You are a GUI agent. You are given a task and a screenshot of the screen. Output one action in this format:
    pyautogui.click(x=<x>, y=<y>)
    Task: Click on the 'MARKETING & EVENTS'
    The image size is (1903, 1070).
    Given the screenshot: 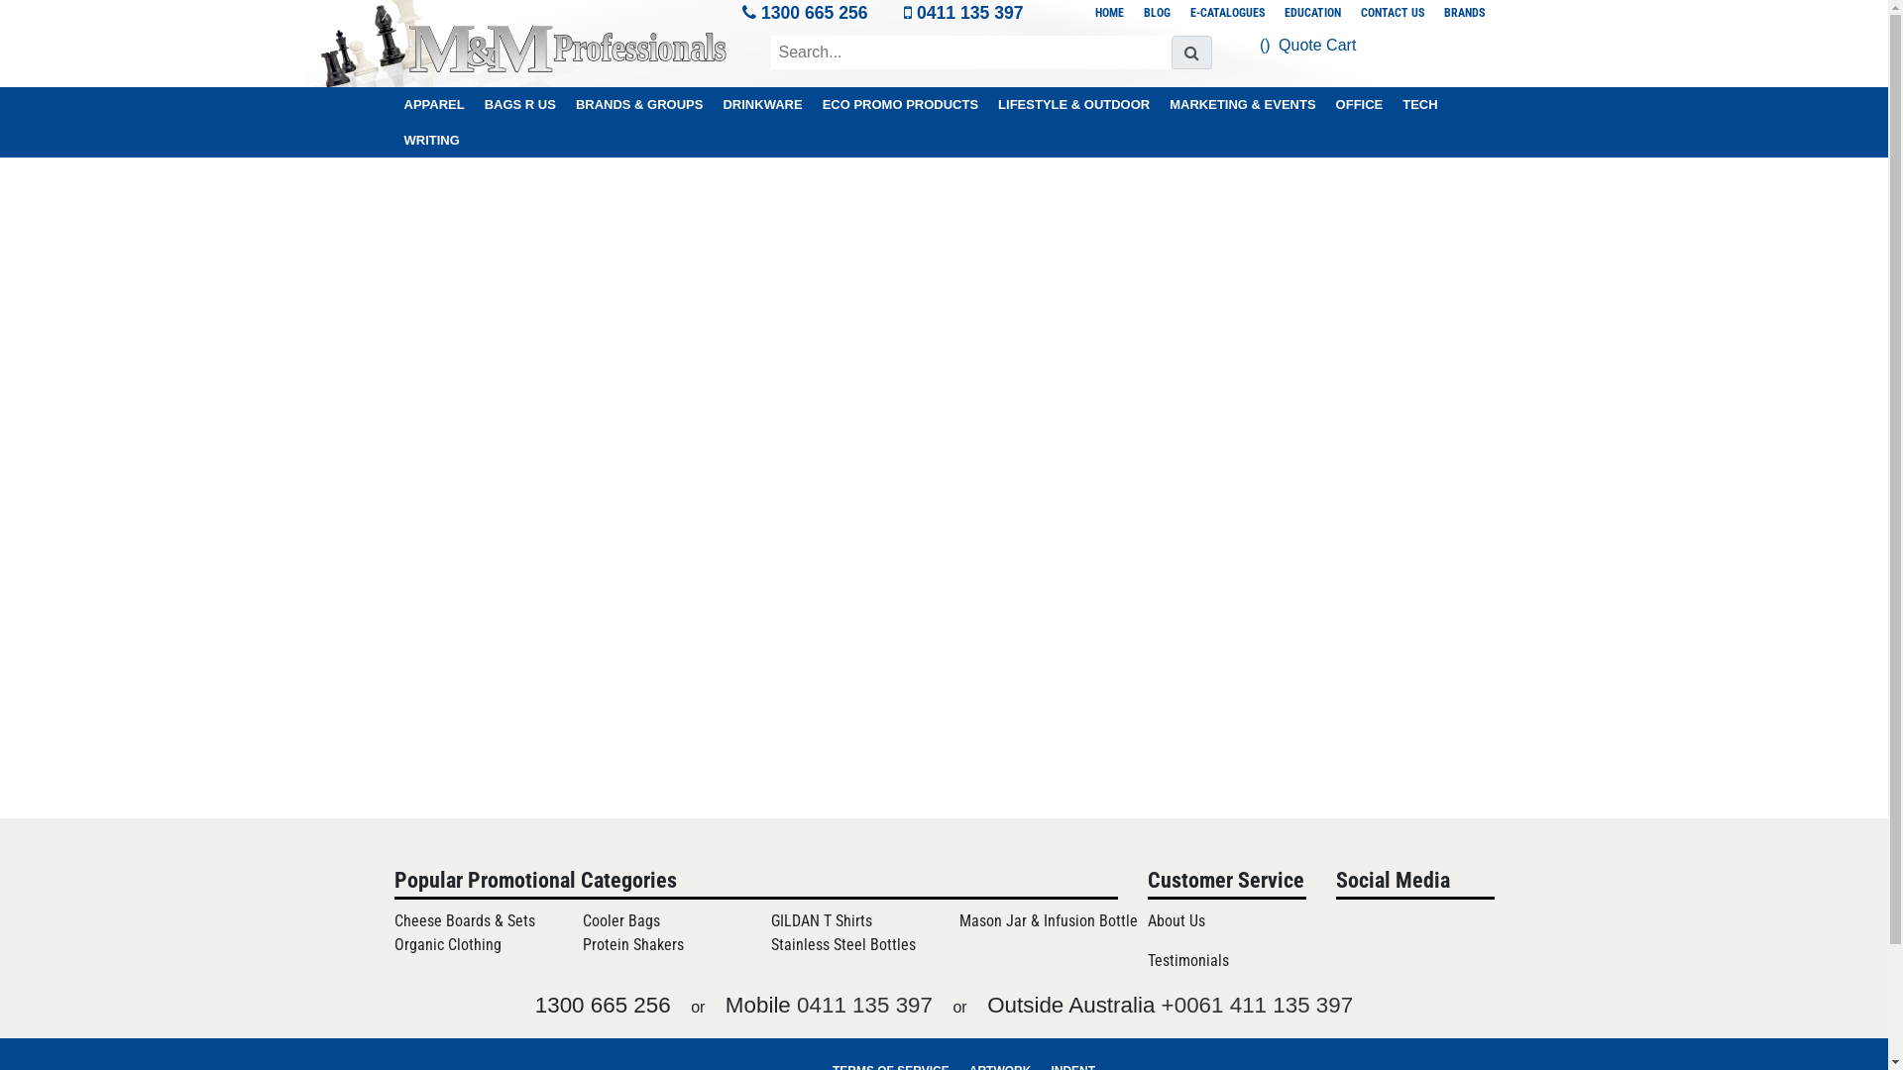 What is the action you would take?
    pyautogui.click(x=1160, y=104)
    